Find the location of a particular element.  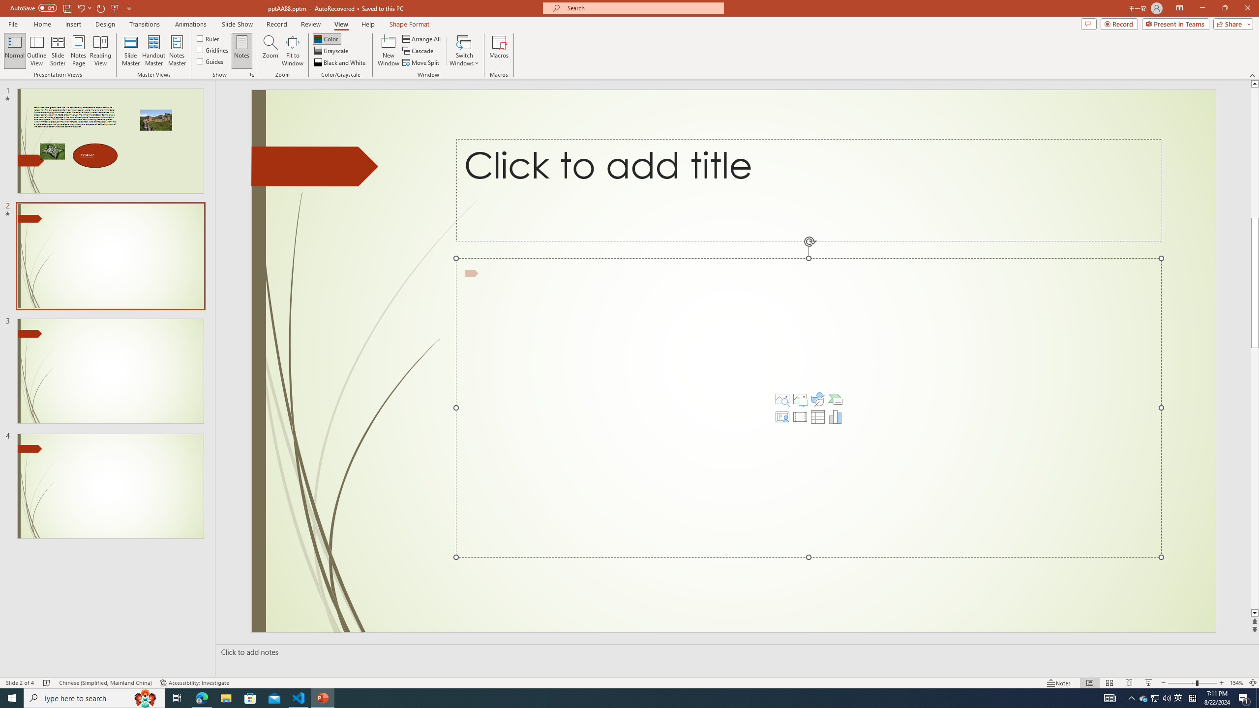

'Handout Master' is located at coordinates (153, 51).